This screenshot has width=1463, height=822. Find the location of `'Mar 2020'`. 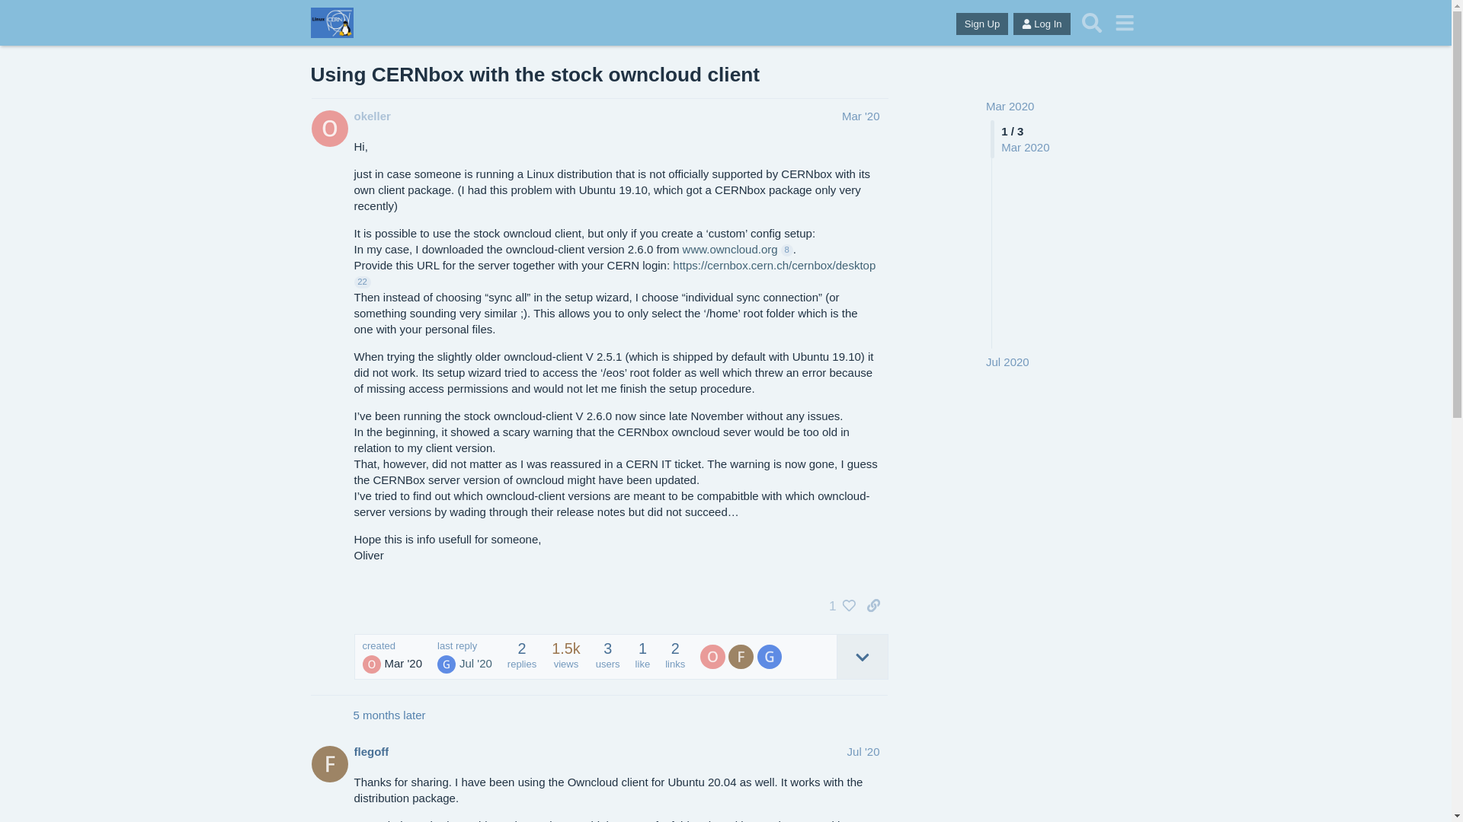

'Mar 2020' is located at coordinates (986, 105).